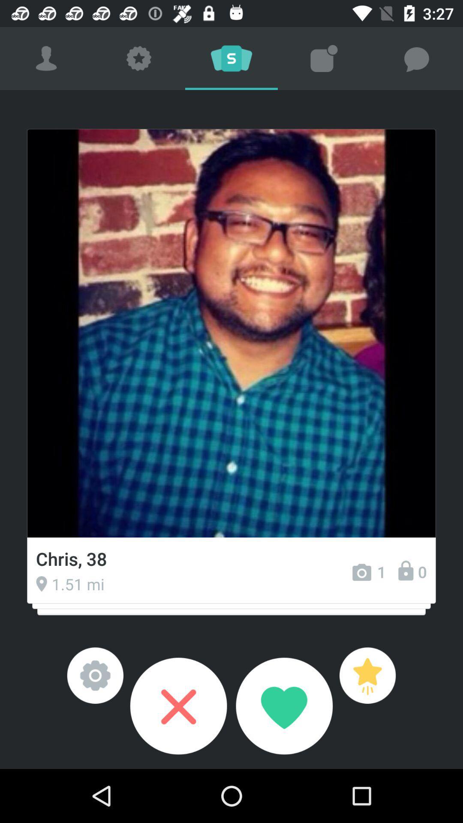 The height and width of the screenshot is (823, 463). Describe the element at coordinates (367, 675) in the screenshot. I see `the star icon` at that location.